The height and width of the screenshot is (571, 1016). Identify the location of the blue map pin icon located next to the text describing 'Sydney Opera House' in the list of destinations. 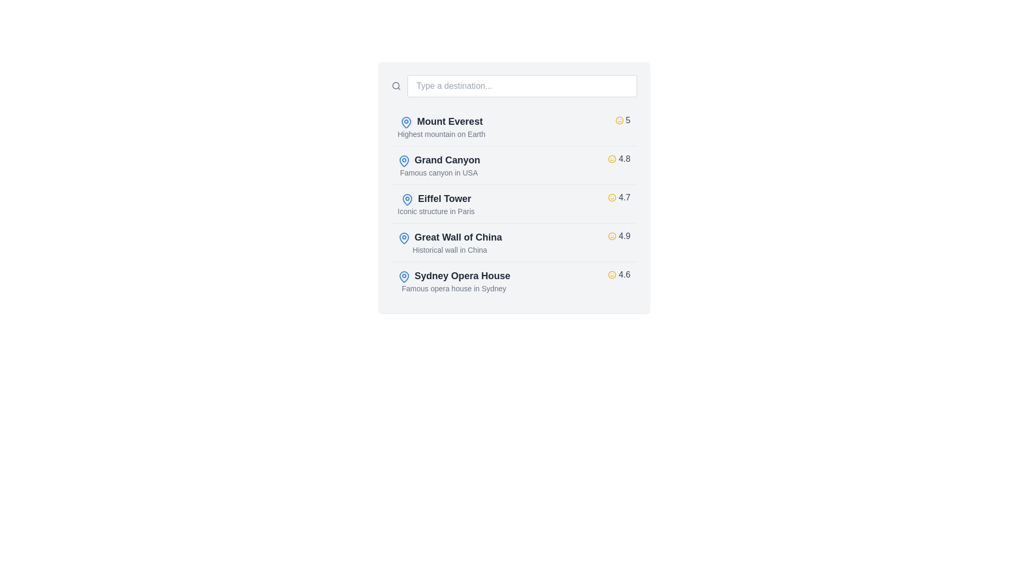
(403, 276).